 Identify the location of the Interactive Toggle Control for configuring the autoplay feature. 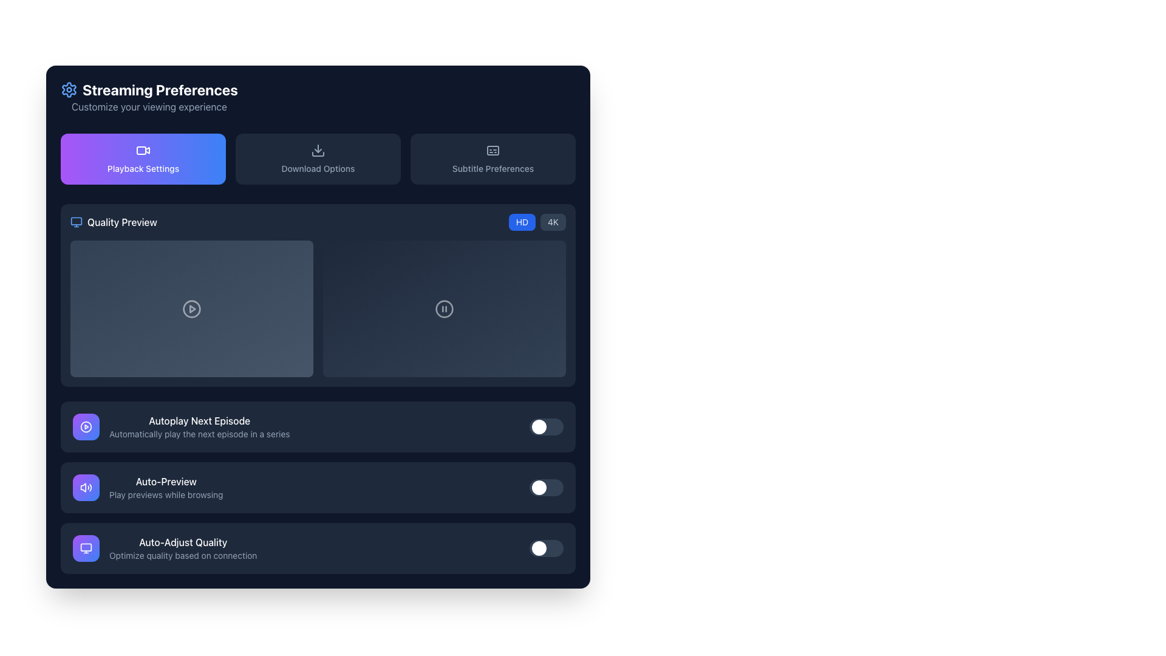
(318, 426).